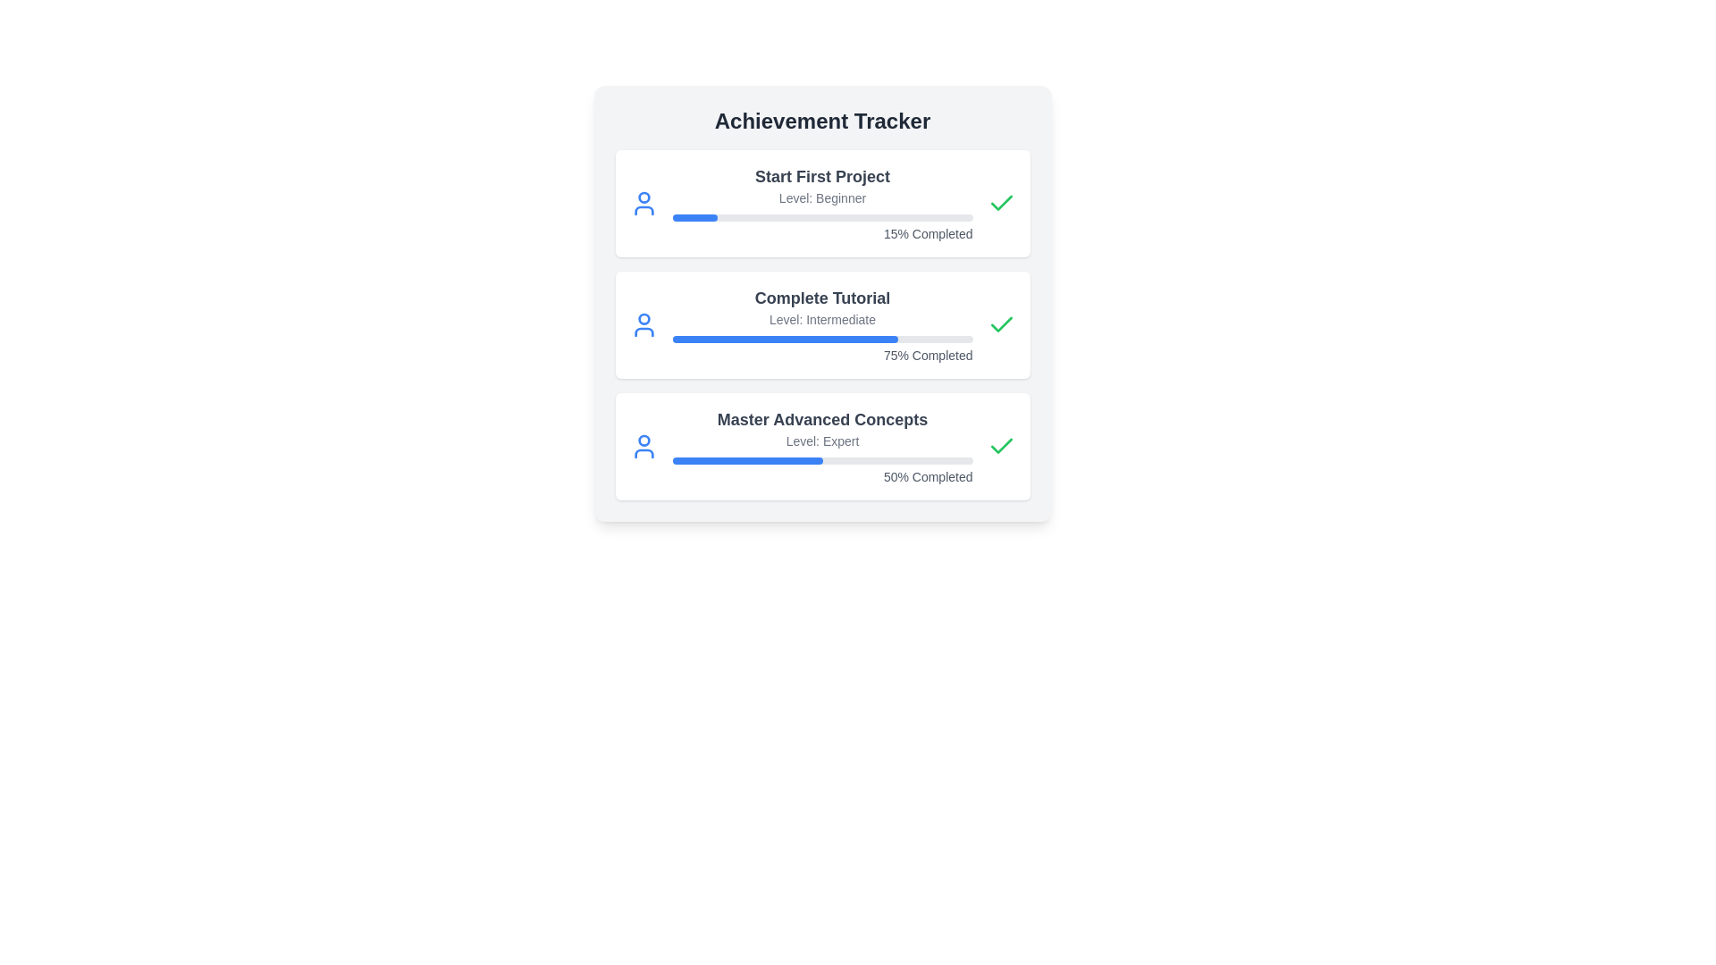 This screenshot has width=1716, height=965. What do you see at coordinates (694, 216) in the screenshot?
I see `the completion percentage of the blue progress bar segment within the gray progress bar of the 'Start First Project' section in the Achievement Tracker interface` at bounding box center [694, 216].